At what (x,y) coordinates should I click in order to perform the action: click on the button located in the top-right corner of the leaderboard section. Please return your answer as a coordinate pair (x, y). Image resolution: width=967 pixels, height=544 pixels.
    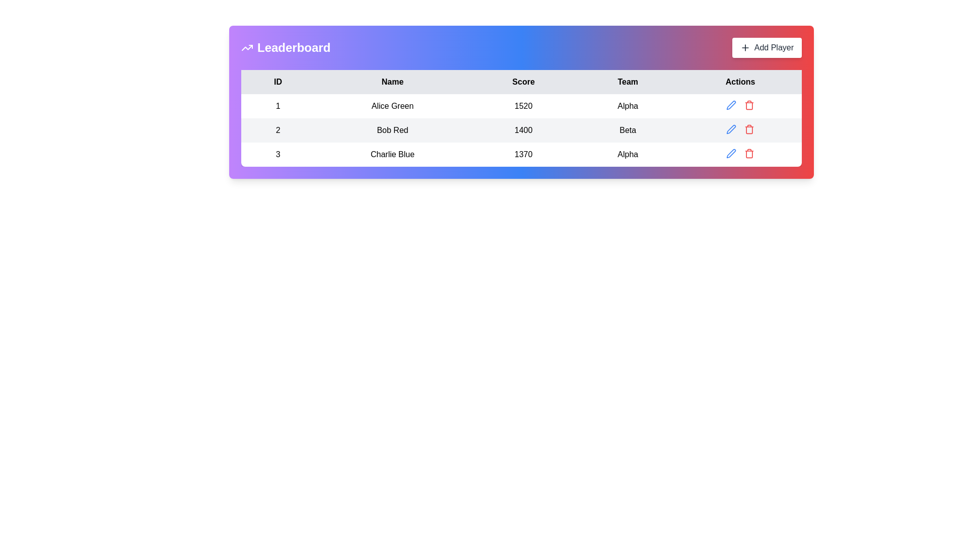
    Looking at the image, I should click on (766, 48).